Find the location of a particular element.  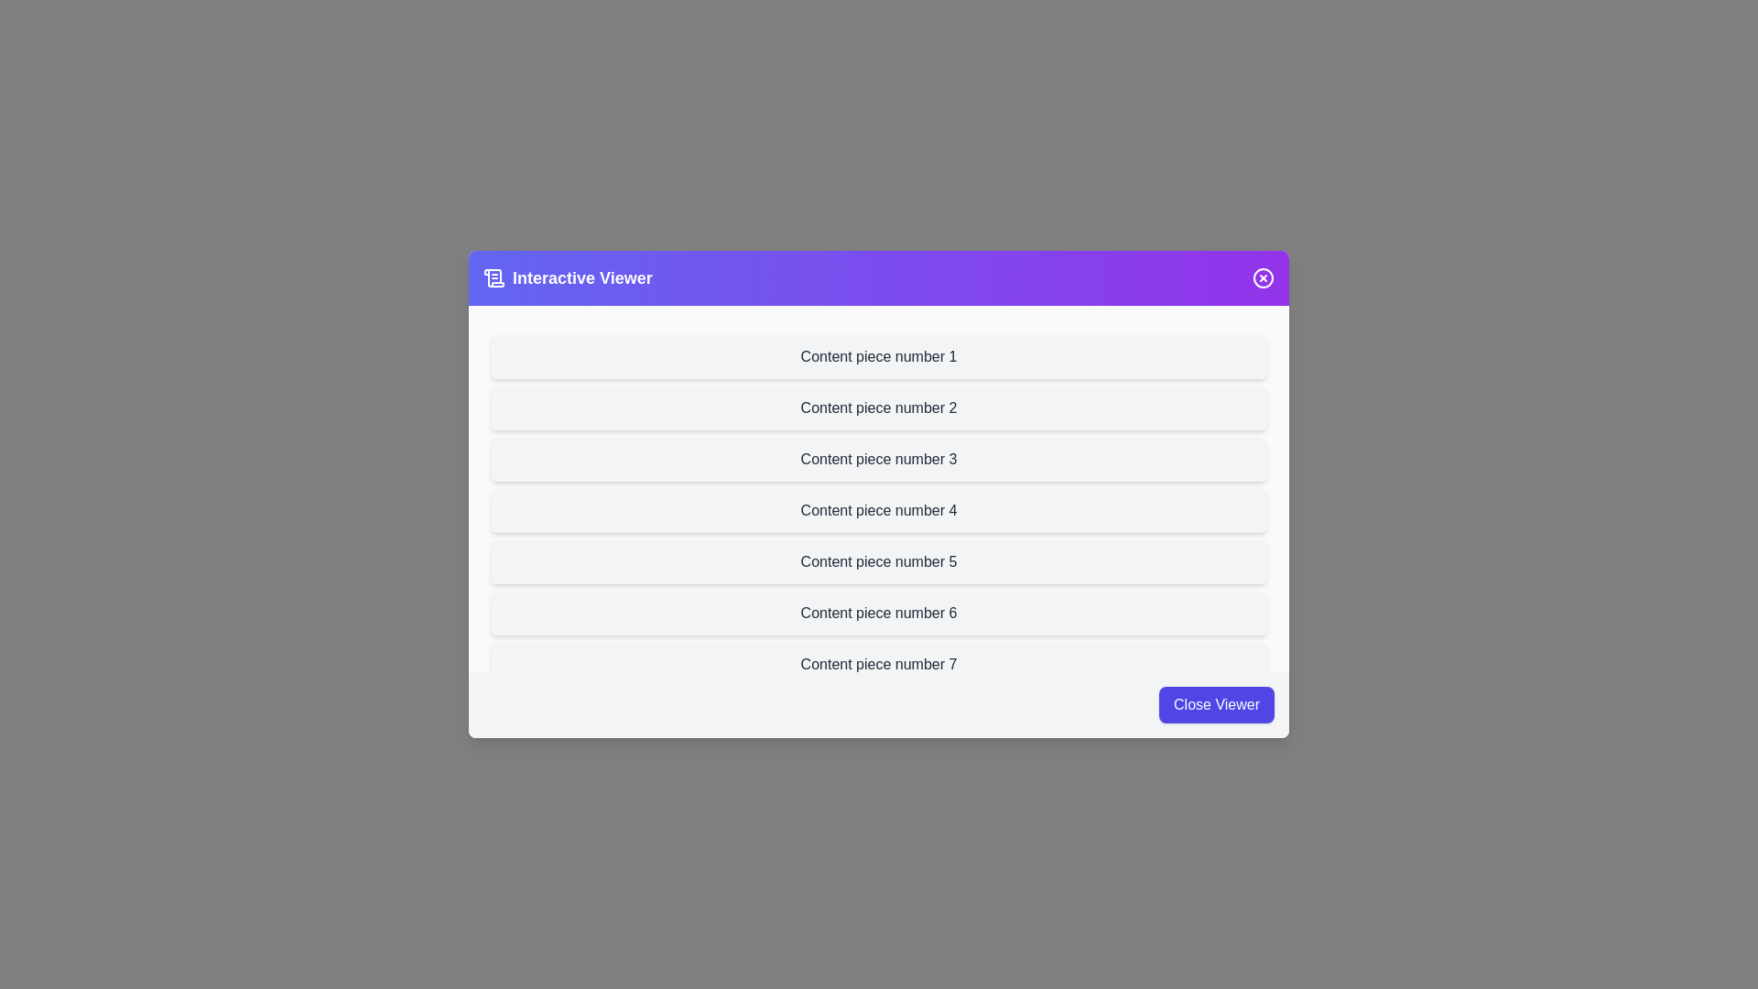

the content item labeled 'Content piece number 1' to observe its hover effect is located at coordinates (879, 356).